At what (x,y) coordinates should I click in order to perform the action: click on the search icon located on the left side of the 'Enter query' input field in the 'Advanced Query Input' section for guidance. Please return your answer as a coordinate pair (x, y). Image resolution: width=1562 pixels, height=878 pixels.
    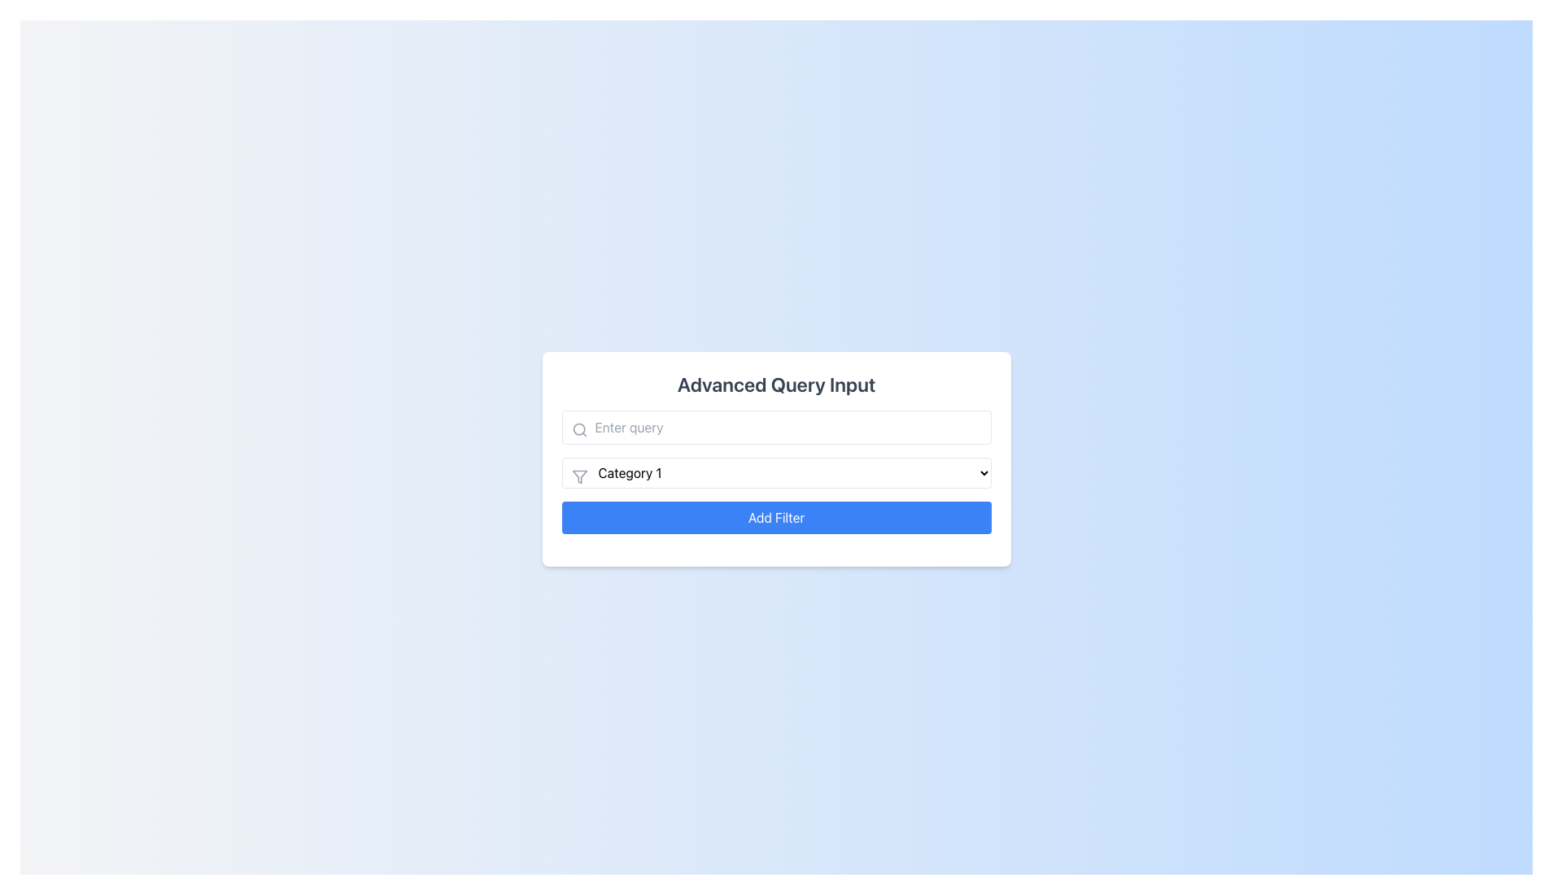
    Looking at the image, I should click on (579, 428).